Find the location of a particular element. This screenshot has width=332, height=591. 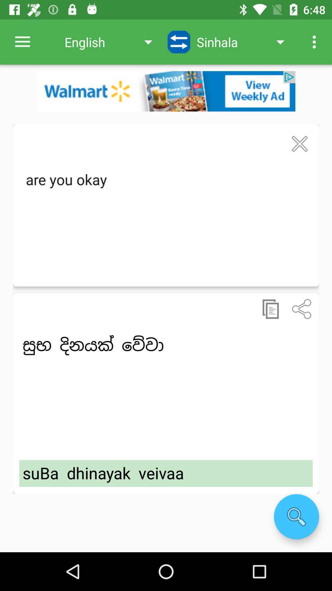

the are you okay is located at coordinates (166, 222).